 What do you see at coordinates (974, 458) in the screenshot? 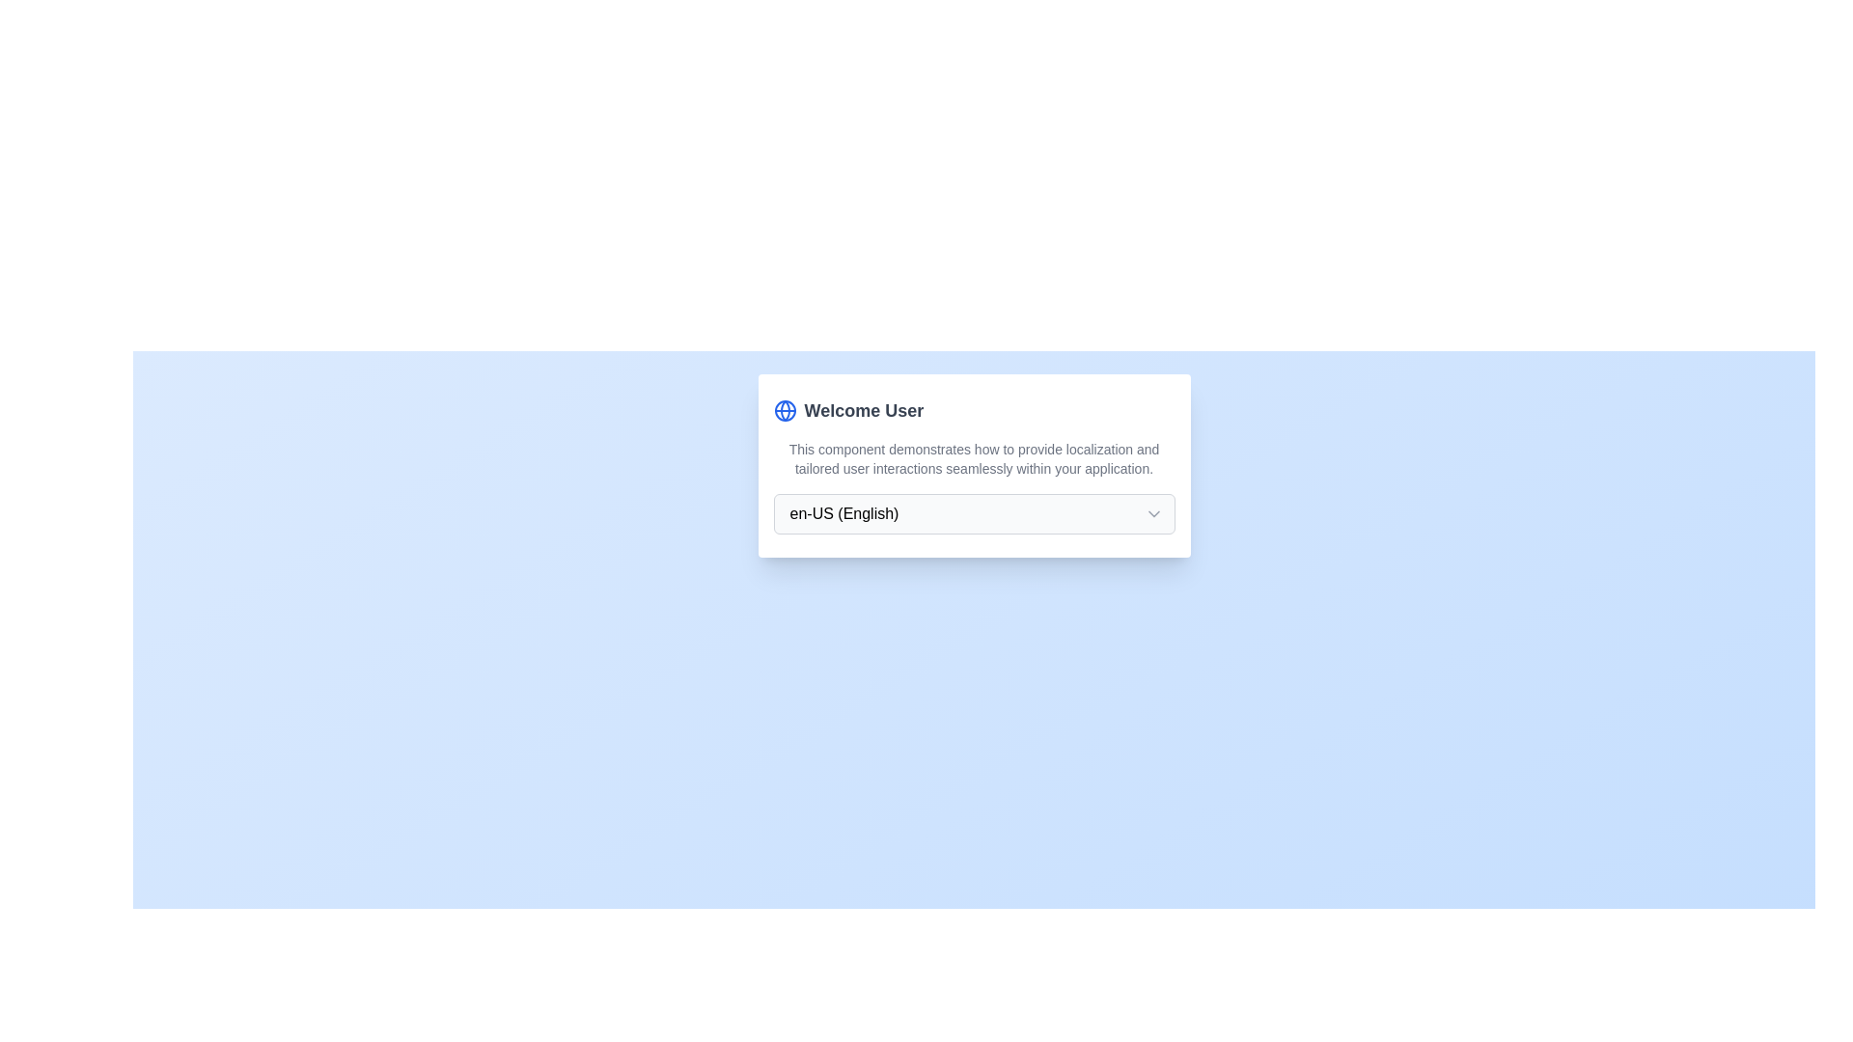
I see `the descriptive text element that informs users about the functionality of surrounding UI components, located below the title 'Welcome User' and above the dropdown menu for language selection` at bounding box center [974, 458].